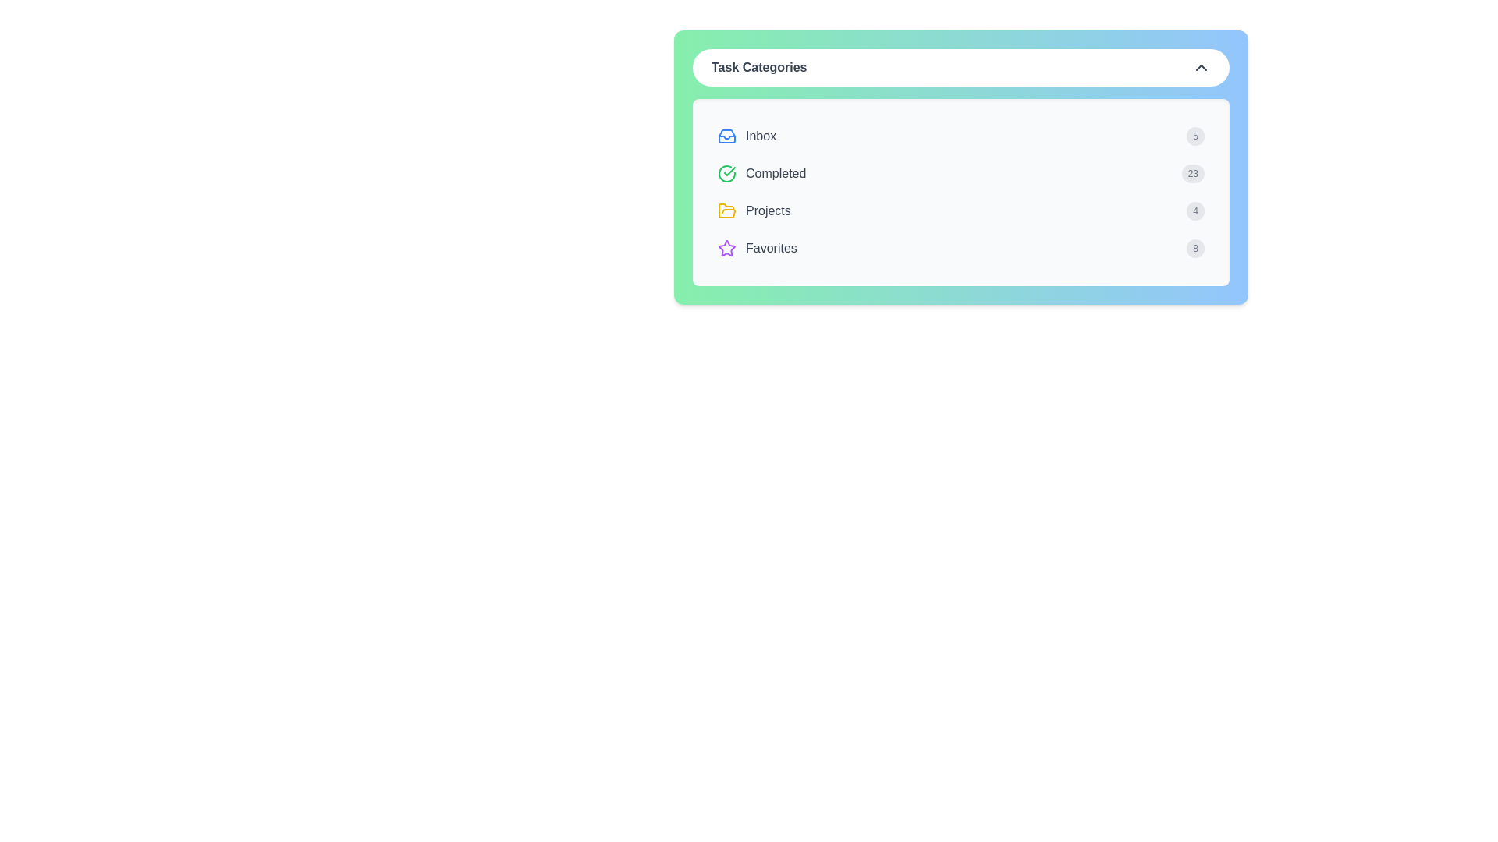 The width and height of the screenshot is (1498, 842). Describe the element at coordinates (768, 210) in the screenshot. I see `the 'Projects' text label, which is the third item in the 'Task Categories' section` at that location.